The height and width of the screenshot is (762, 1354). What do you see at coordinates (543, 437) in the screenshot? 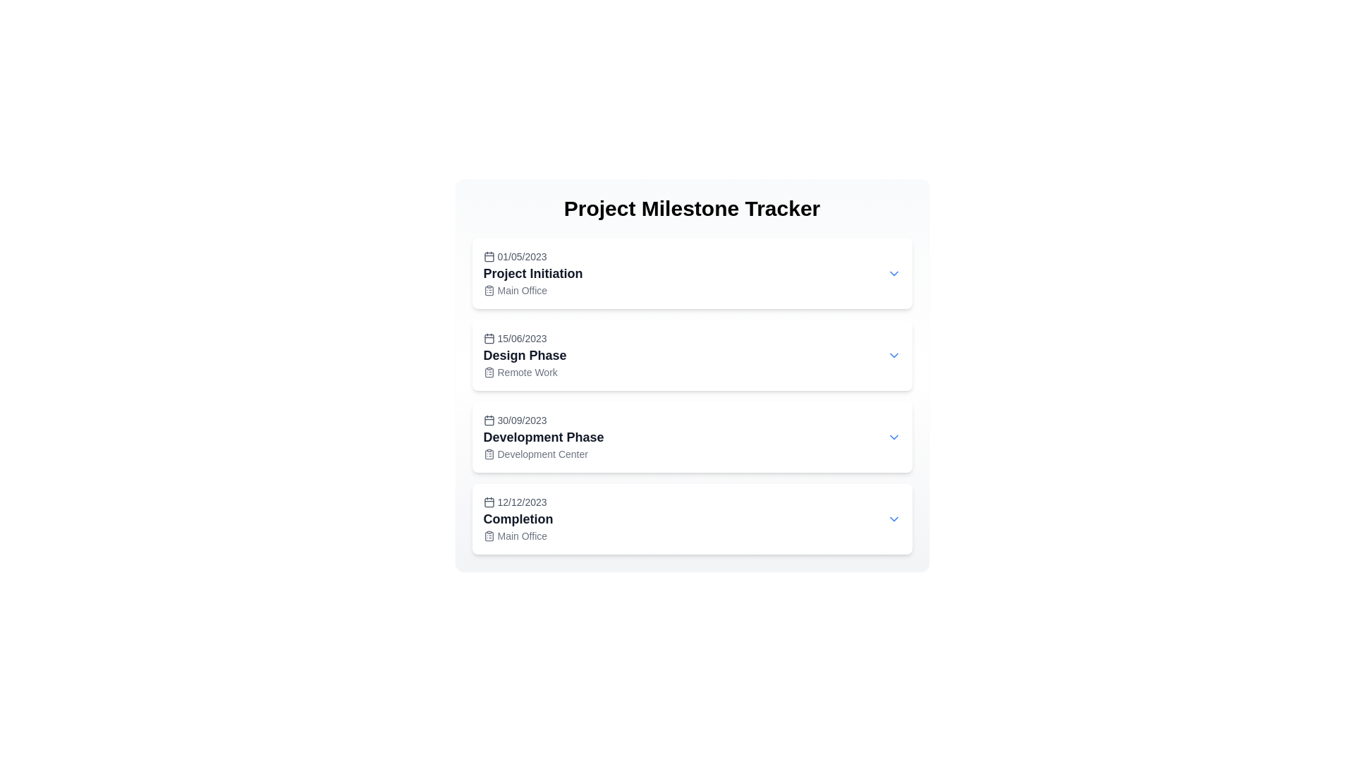
I see `the 'Development Phase' text label, which is displayed in a bold, large-sized font and located centrally below the '30/09/2023' date in the third milestone section` at bounding box center [543, 437].